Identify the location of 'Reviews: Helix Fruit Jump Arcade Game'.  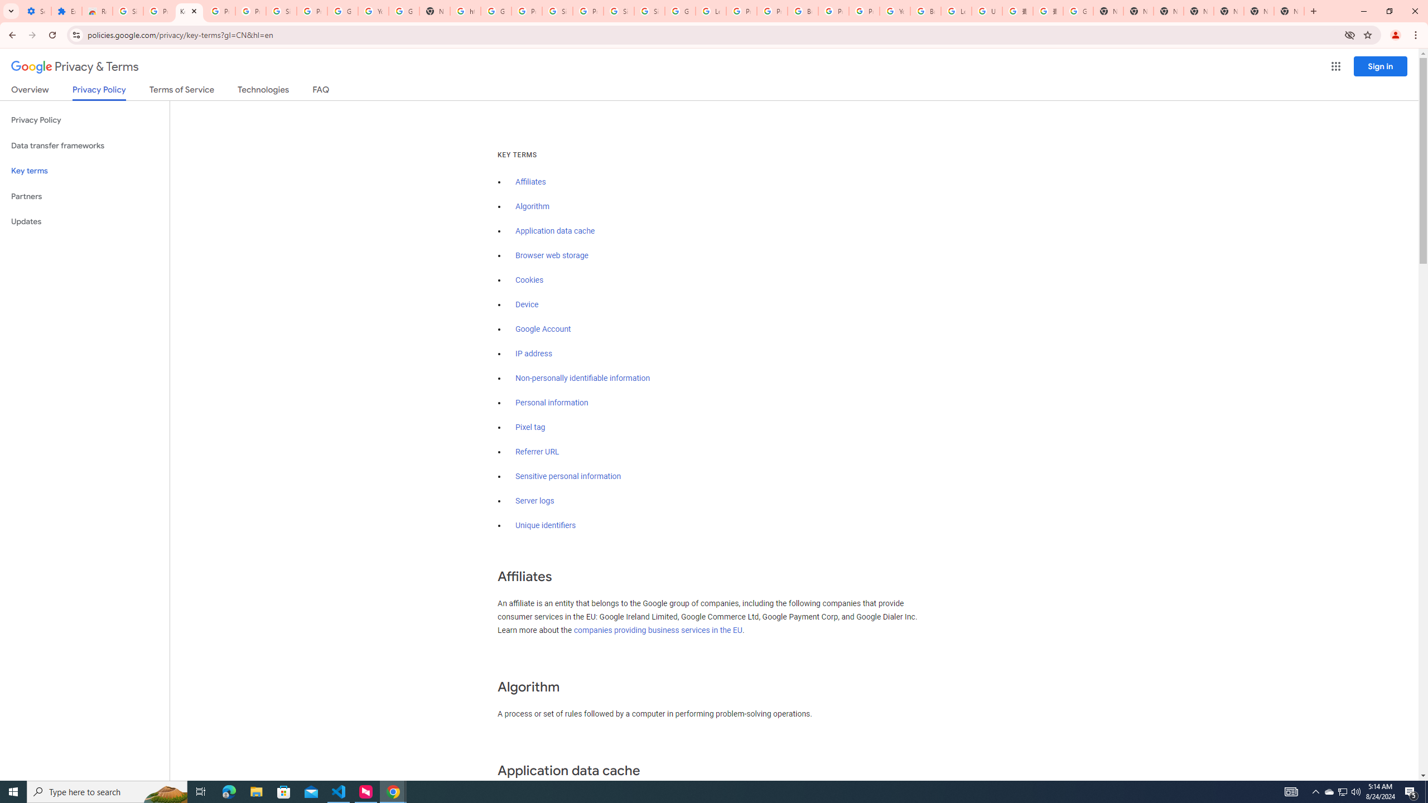
(97, 11).